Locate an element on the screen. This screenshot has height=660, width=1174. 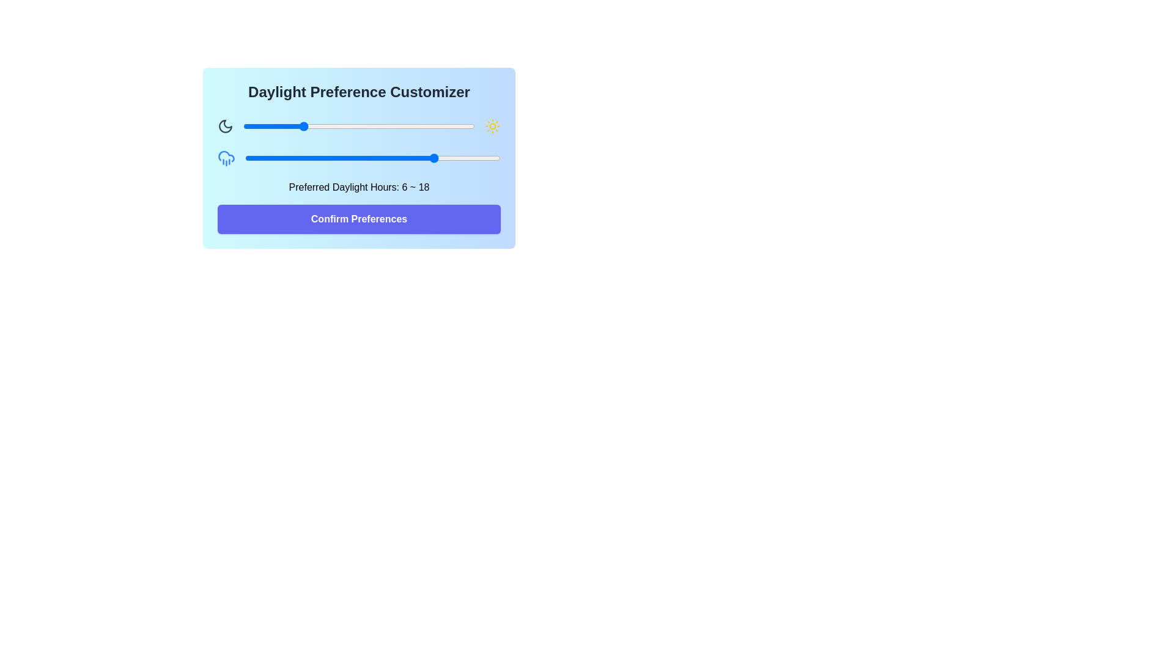
the daylight hours is located at coordinates (252, 127).